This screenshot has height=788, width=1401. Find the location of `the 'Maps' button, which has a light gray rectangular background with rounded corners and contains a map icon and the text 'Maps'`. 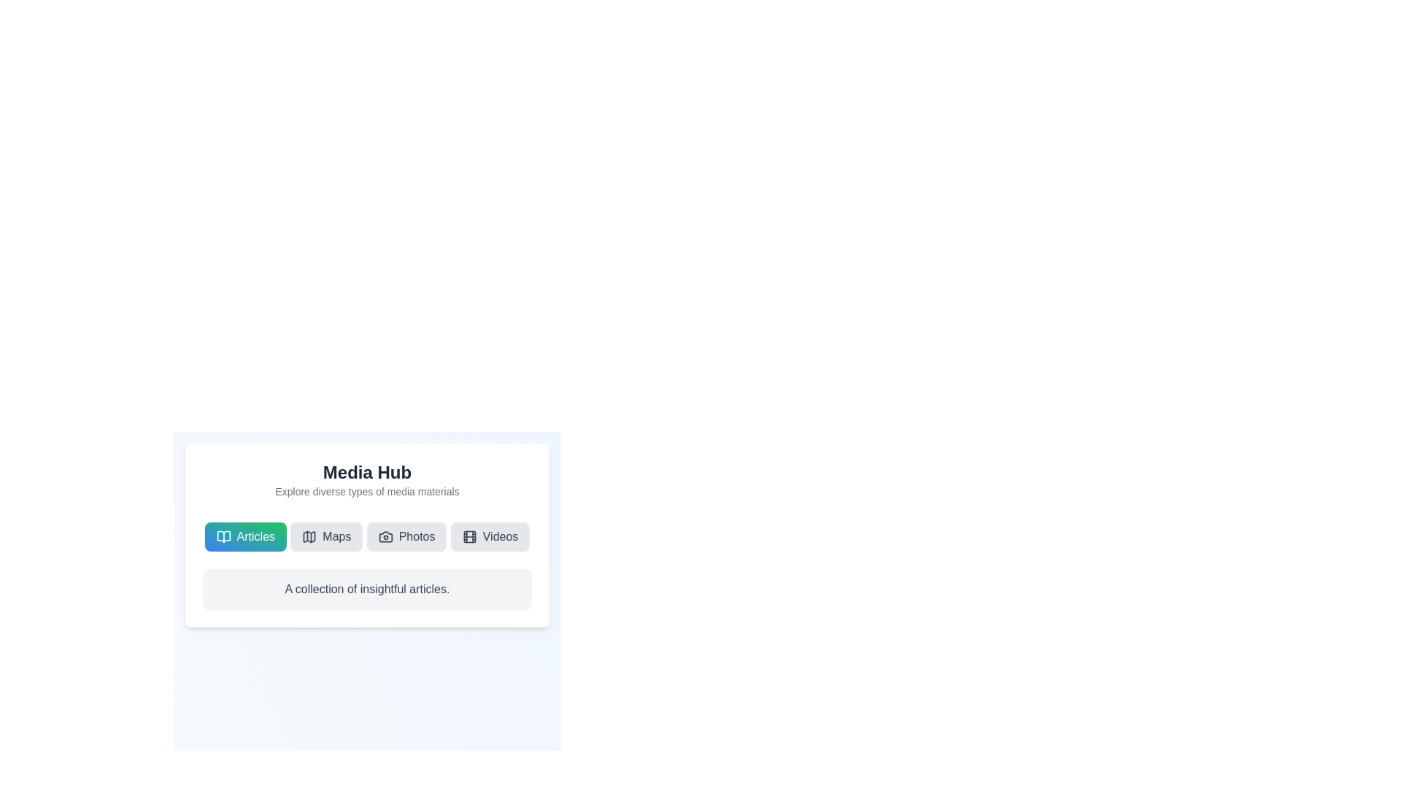

the 'Maps' button, which has a light gray rectangular background with rounded corners and contains a map icon and the text 'Maps' is located at coordinates (325, 537).